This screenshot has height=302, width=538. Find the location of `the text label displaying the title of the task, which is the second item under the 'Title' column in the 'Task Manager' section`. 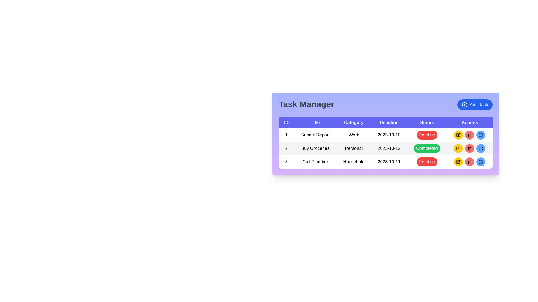

the text label displaying the title of the task, which is the second item under the 'Title' column in the 'Task Manager' section is located at coordinates (315, 148).